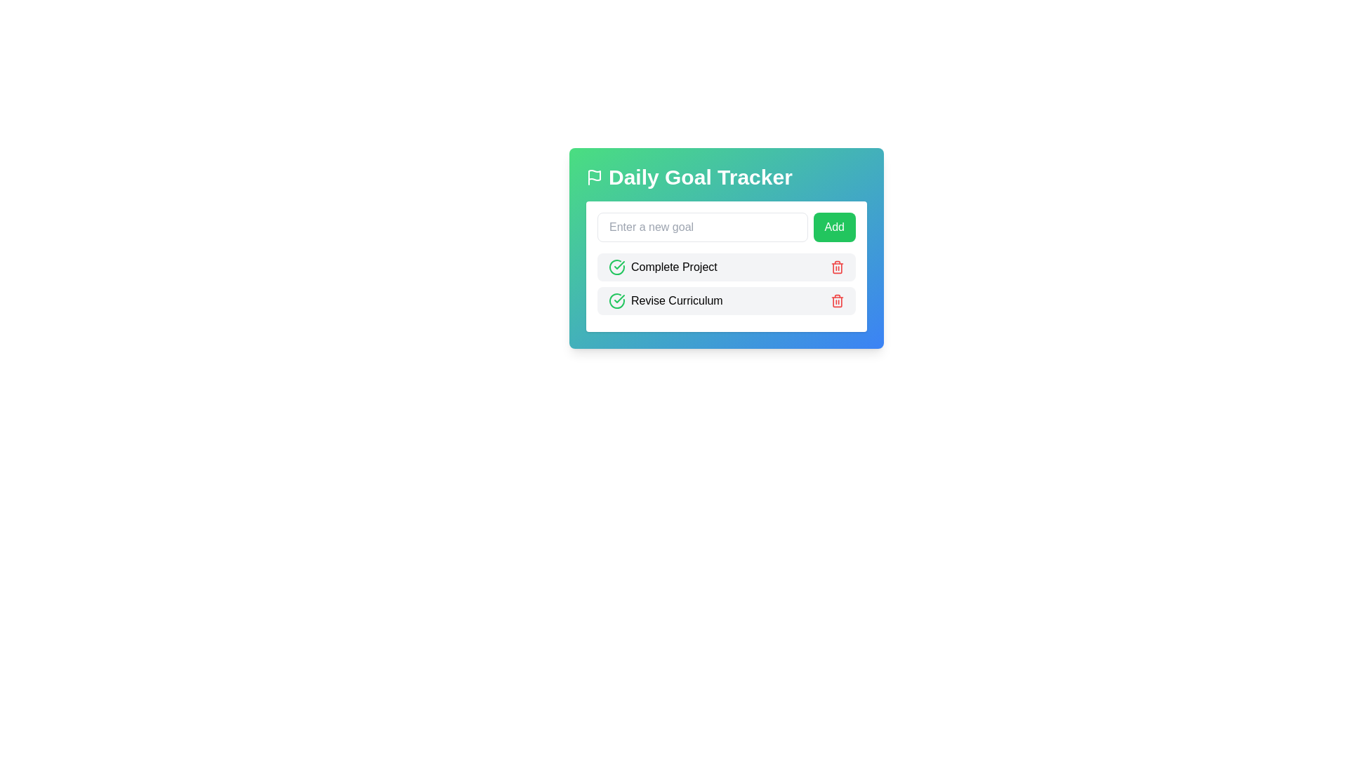 This screenshot has height=758, width=1348. Describe the element at coordinates (727, 267) in the screenshot. I see `the first list item labeled 'Complete Project' in the 'Daily Goal Tracker' to mark it as complete` at that location.